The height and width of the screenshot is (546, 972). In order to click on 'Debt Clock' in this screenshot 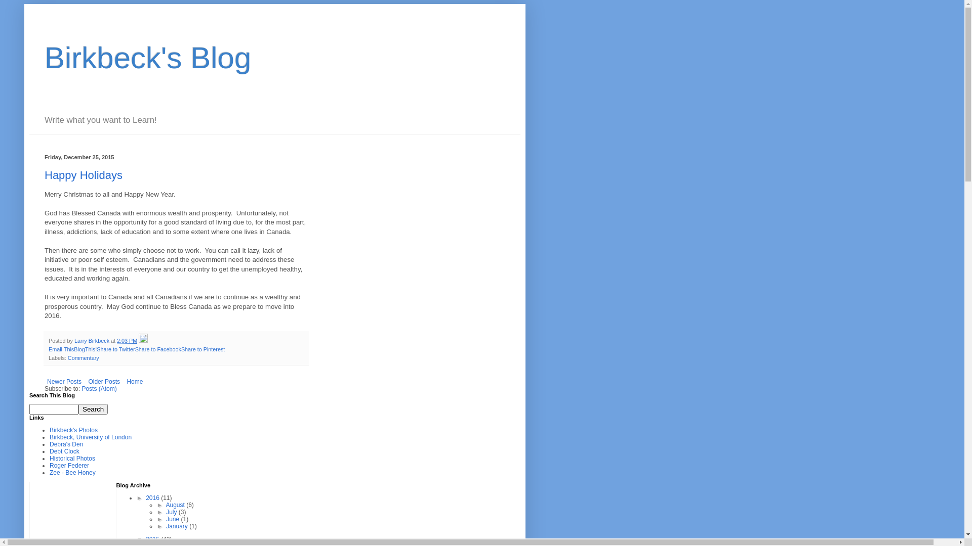, I will do `click(64, 451)`.